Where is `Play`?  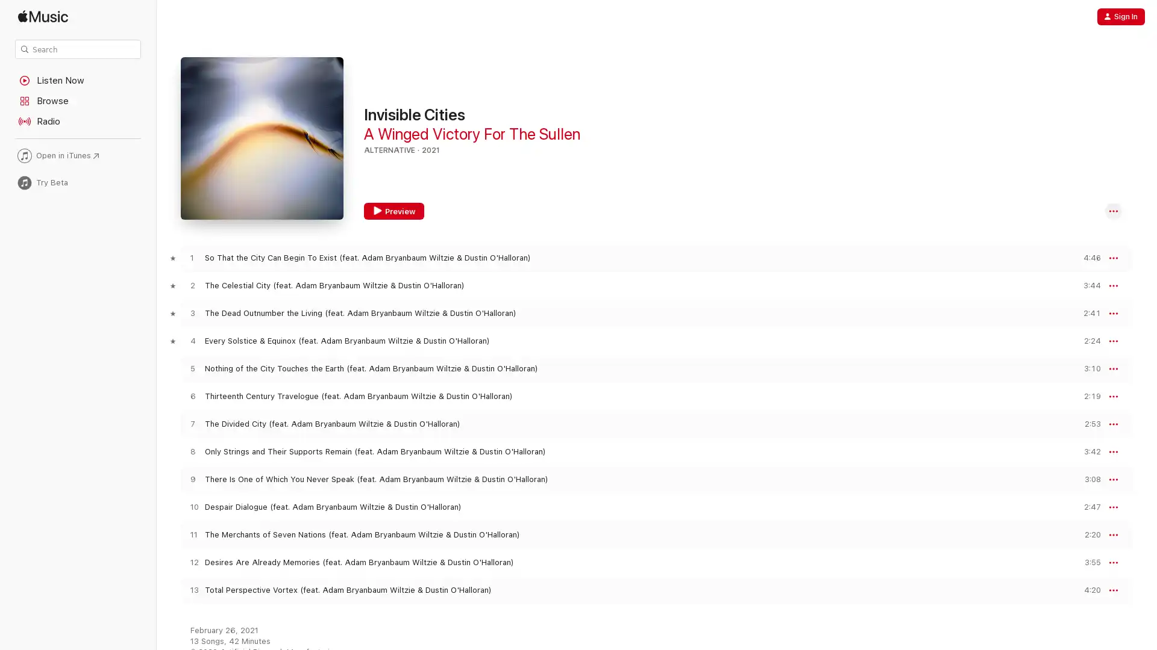
Play is located at coordinates (192, 451).